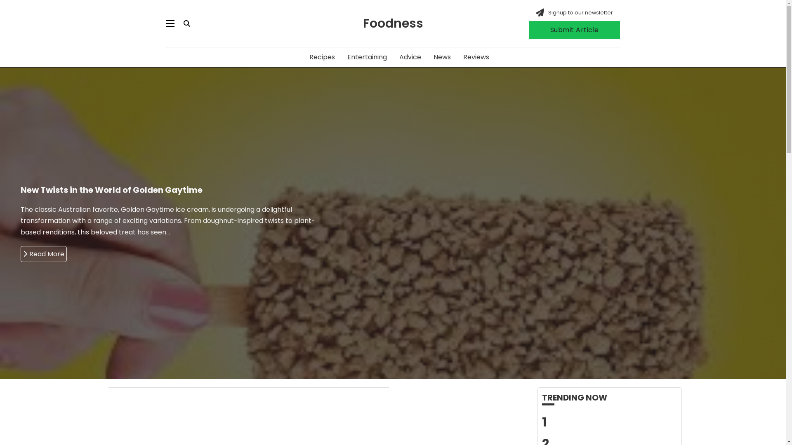 The height and width of the screenshot is (445, 792). Describe the element at coordinates (410, 56) in the screenshot. I see `'Advice'` at that location.